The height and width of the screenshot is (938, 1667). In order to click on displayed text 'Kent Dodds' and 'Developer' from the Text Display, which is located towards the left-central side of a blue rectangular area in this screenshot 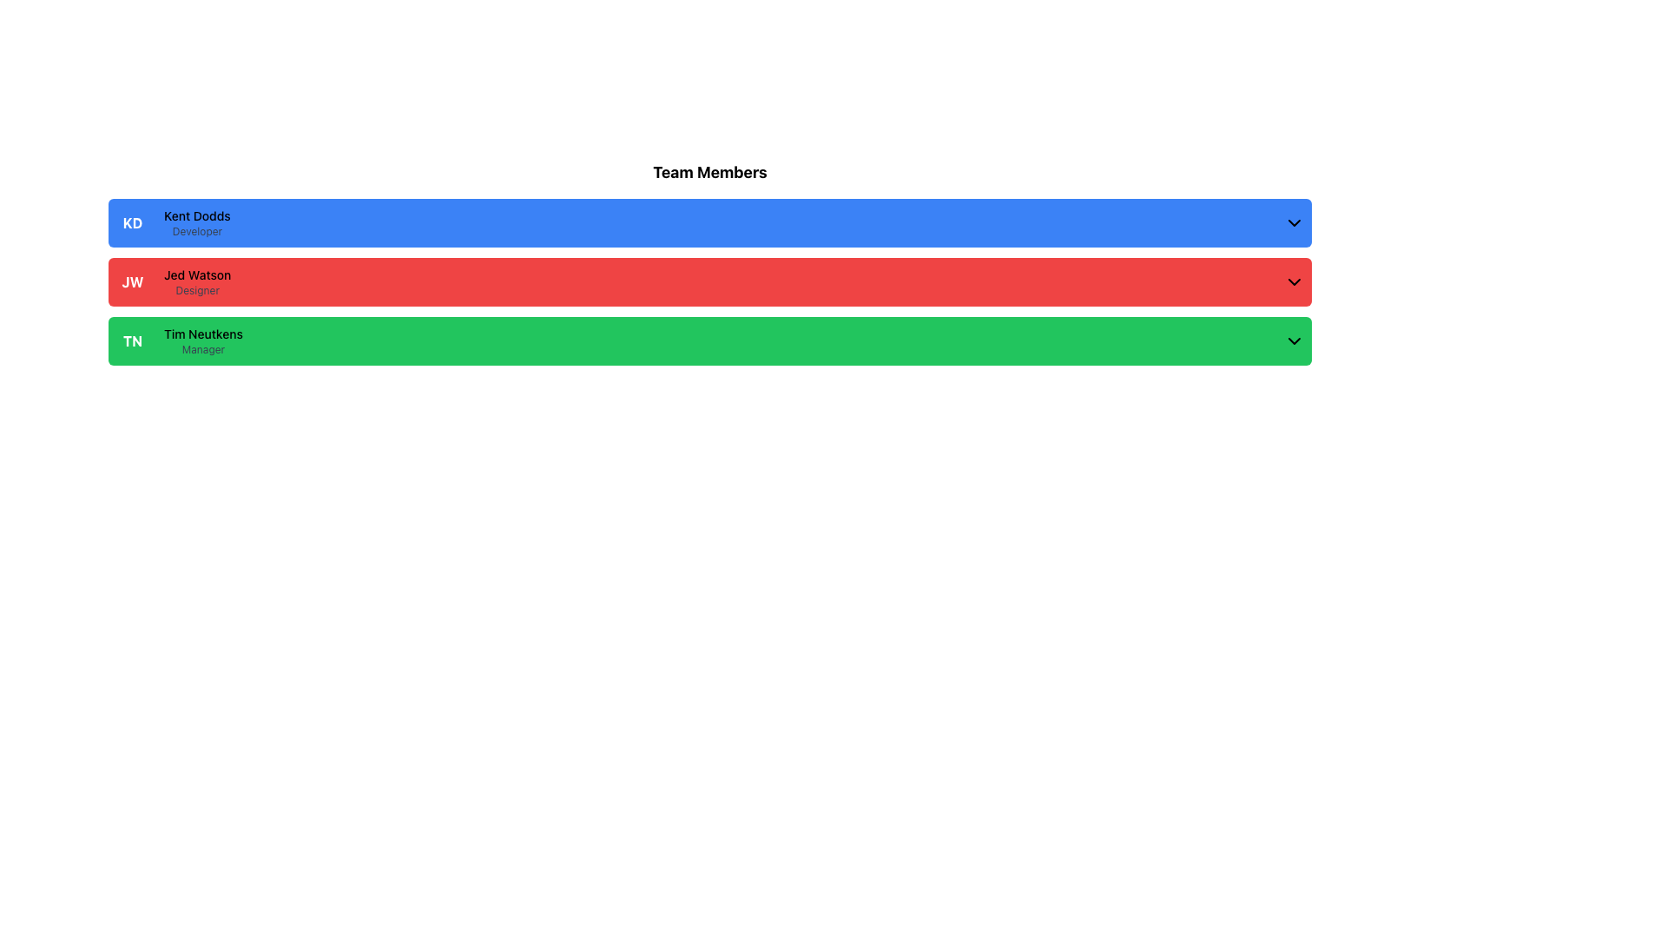, I will do `click(197, 222)`.